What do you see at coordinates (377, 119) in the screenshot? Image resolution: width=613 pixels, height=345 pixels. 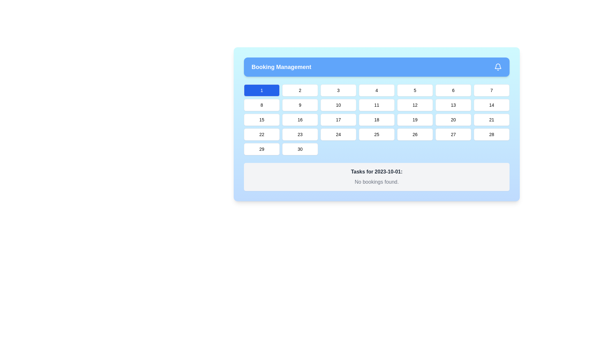 I see `the button labeled '18' in the interactive calendar grid located under 'Booking Management'` at bounding box center [377, 119].